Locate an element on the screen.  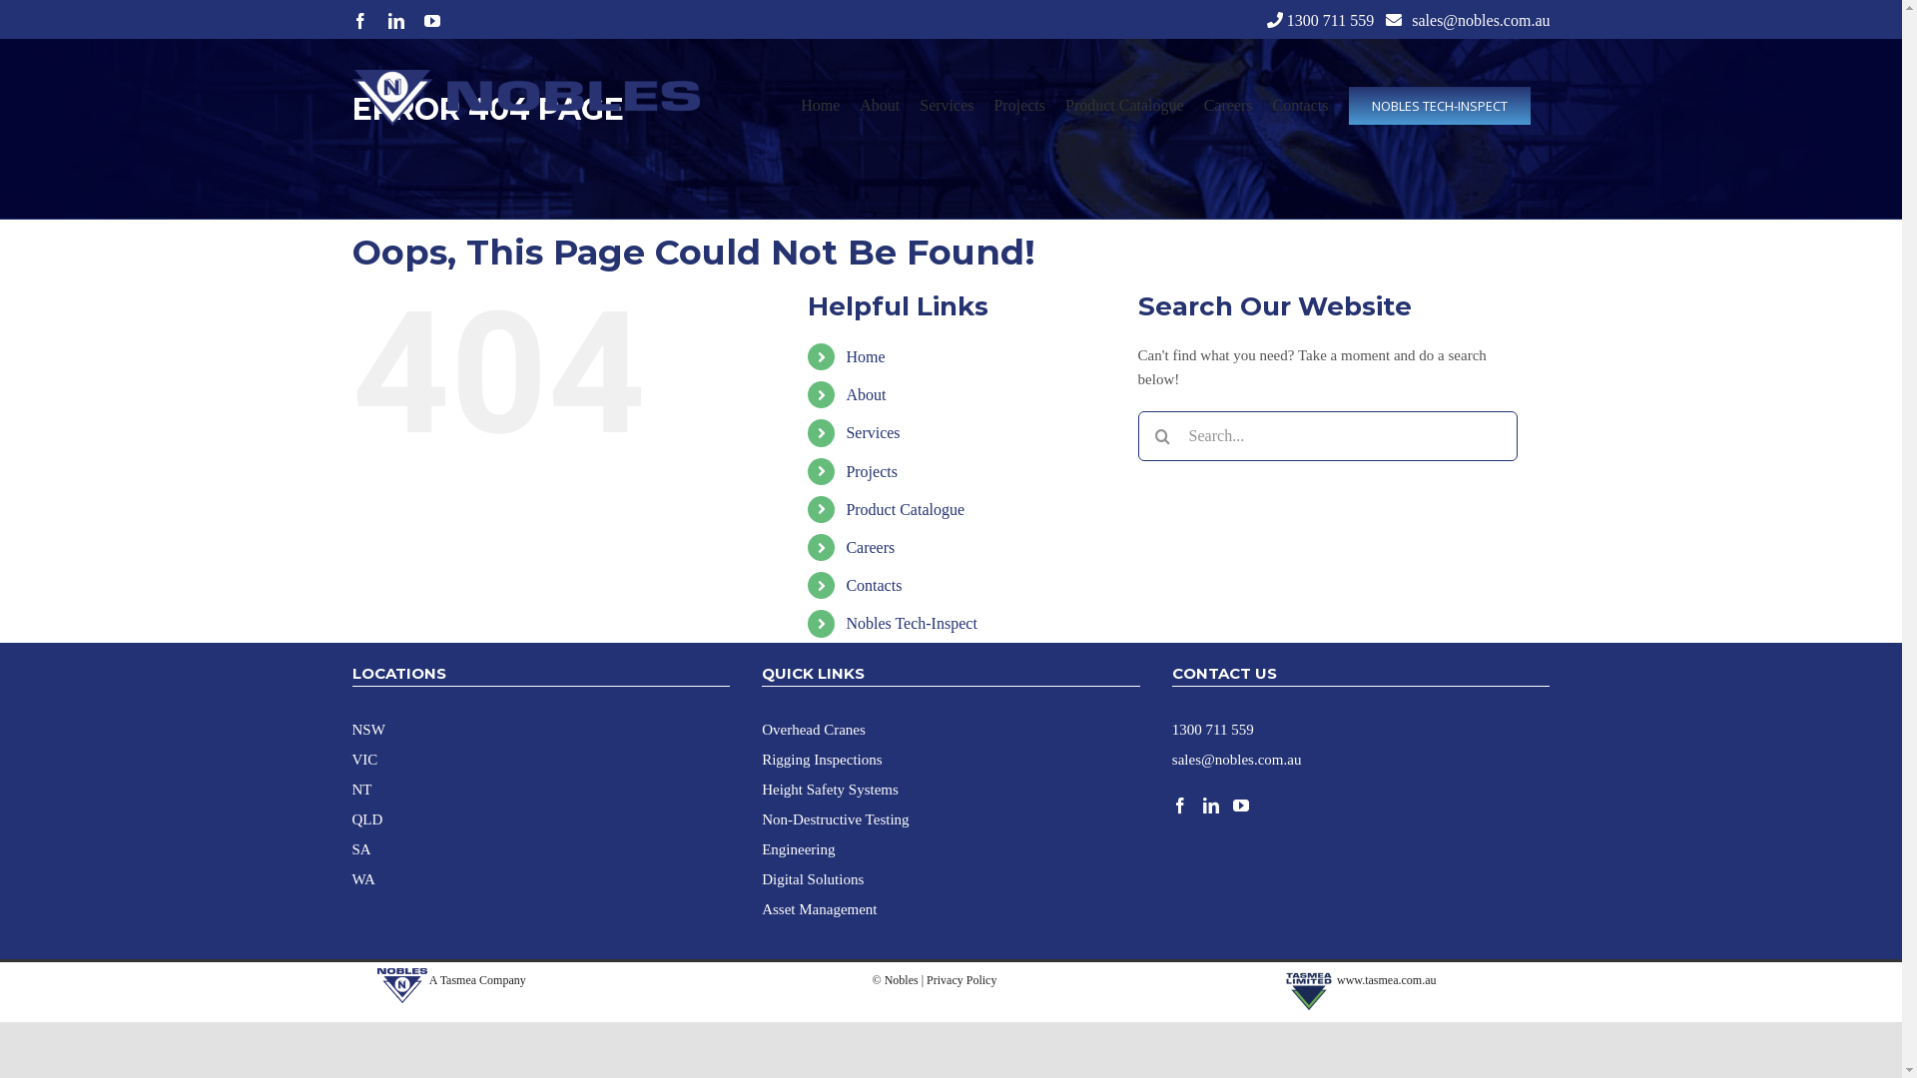
'Home' is located at coordinates (865, 355).